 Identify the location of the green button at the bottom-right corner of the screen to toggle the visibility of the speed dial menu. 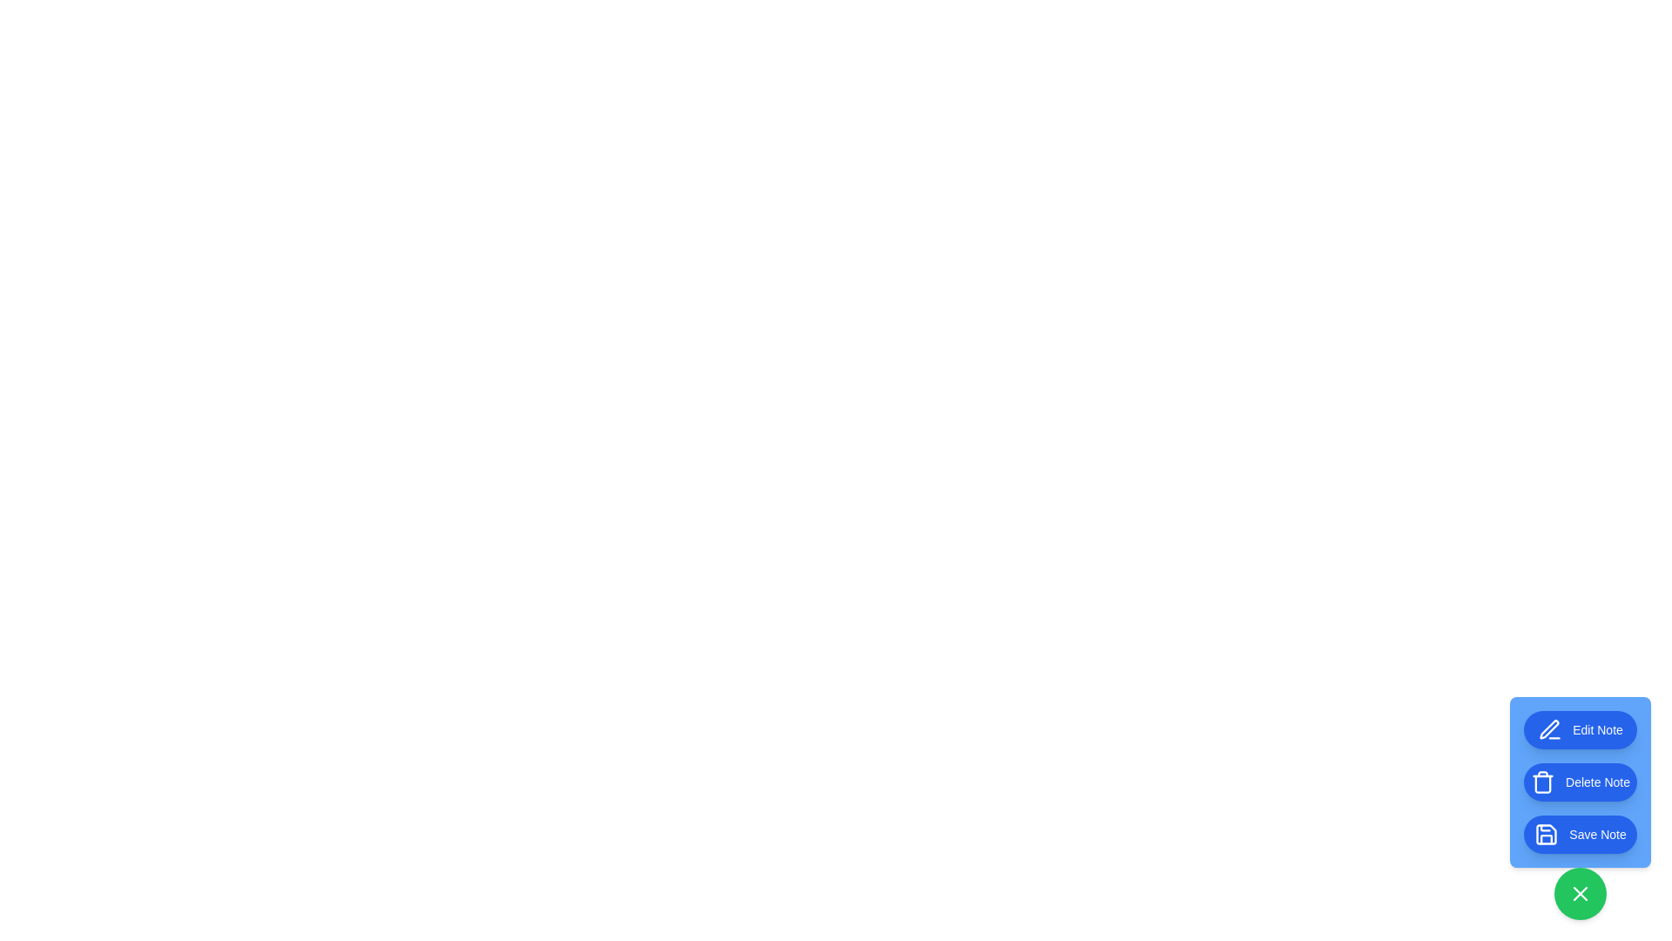
(1580, 894).